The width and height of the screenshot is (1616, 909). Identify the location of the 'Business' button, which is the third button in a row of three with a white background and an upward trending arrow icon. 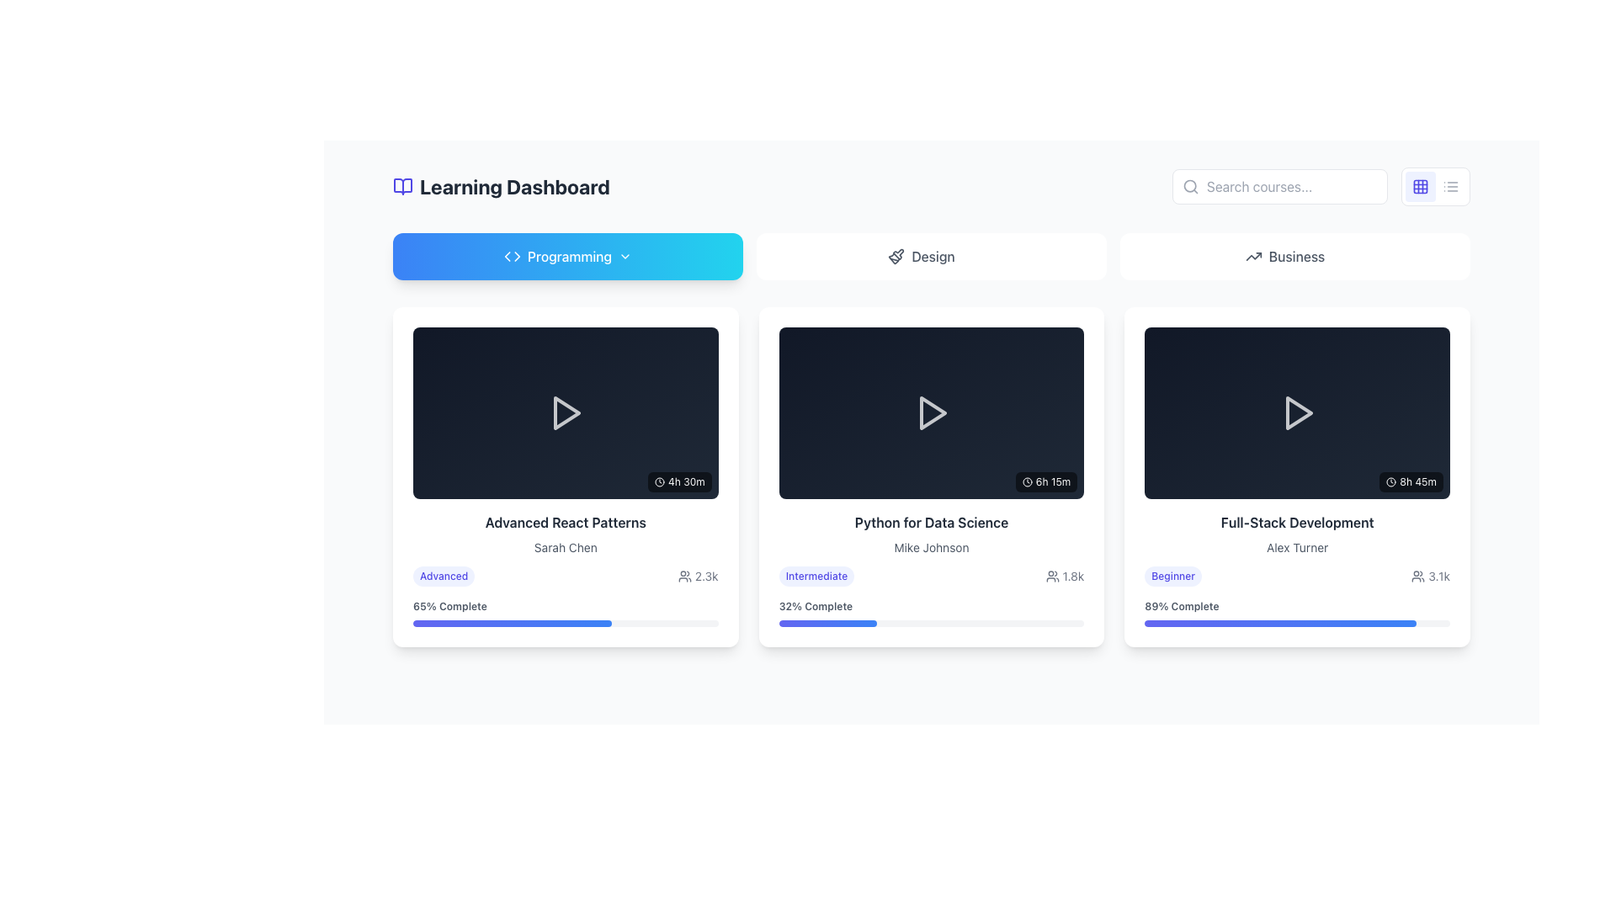
(1294, 256).